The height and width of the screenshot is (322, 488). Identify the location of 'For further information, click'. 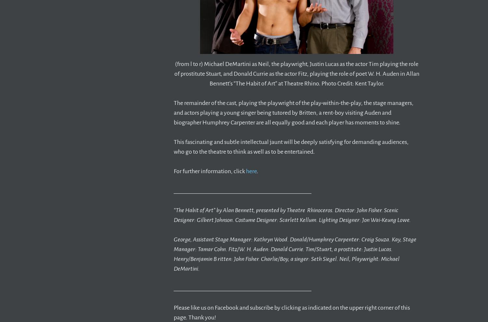
(210, 171).